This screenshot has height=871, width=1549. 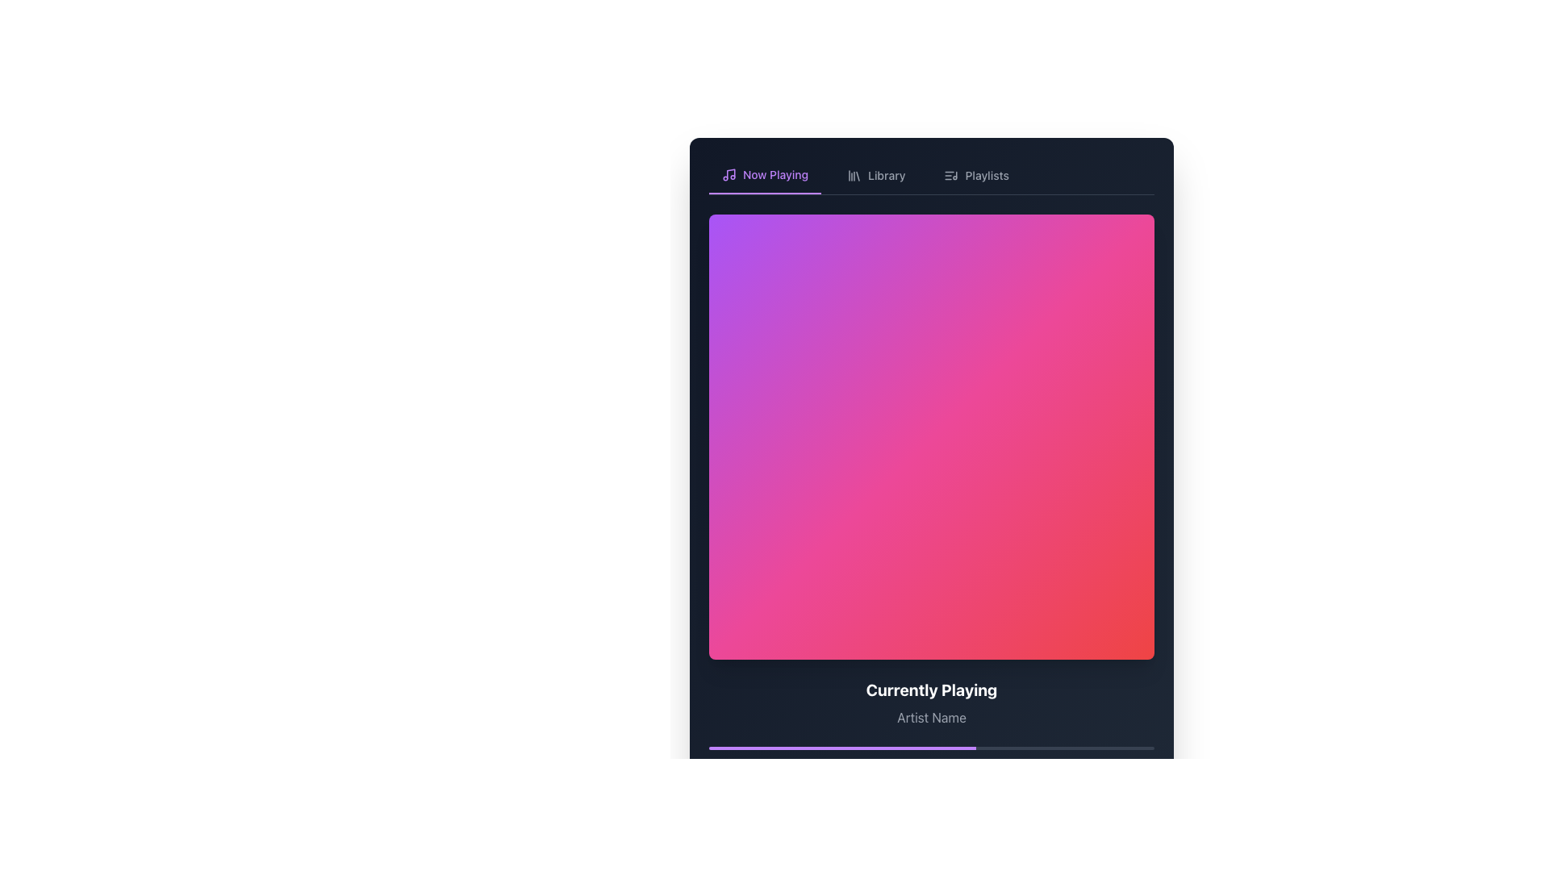 What do you see at coordinates (932, 759) in the screenshot?
I see `the progress bar located centrally below the 'Artist Name' text and above the player control buttons` at bounding box center [932, 759].